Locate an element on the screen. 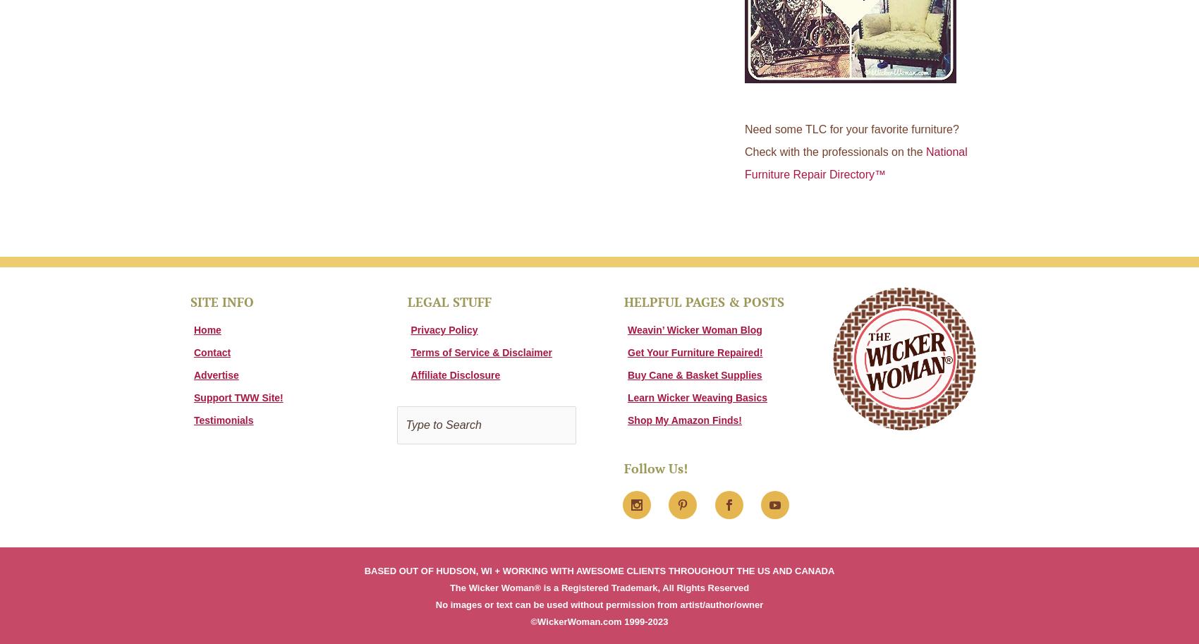 This screenshot has width=1199, height=644. 'Contact' is located at coordinates (212, 351).